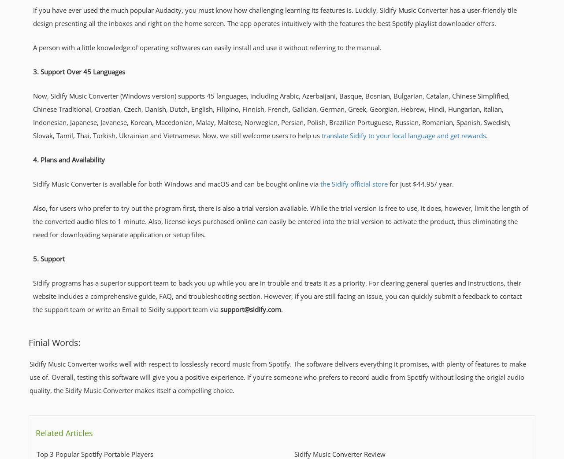 The width and height of the screenshot is (564, 459). What do you see at coordinates (48, 258) in the screenshot?
I see `'5. Support'` at bounding box center [48, 258].